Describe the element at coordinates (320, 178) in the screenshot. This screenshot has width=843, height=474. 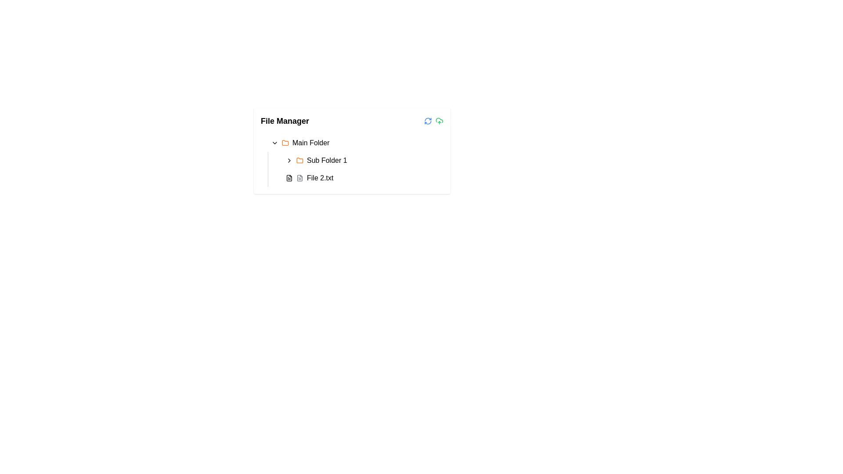
I see `the text label displaying 'File 2.txt'` at that location.